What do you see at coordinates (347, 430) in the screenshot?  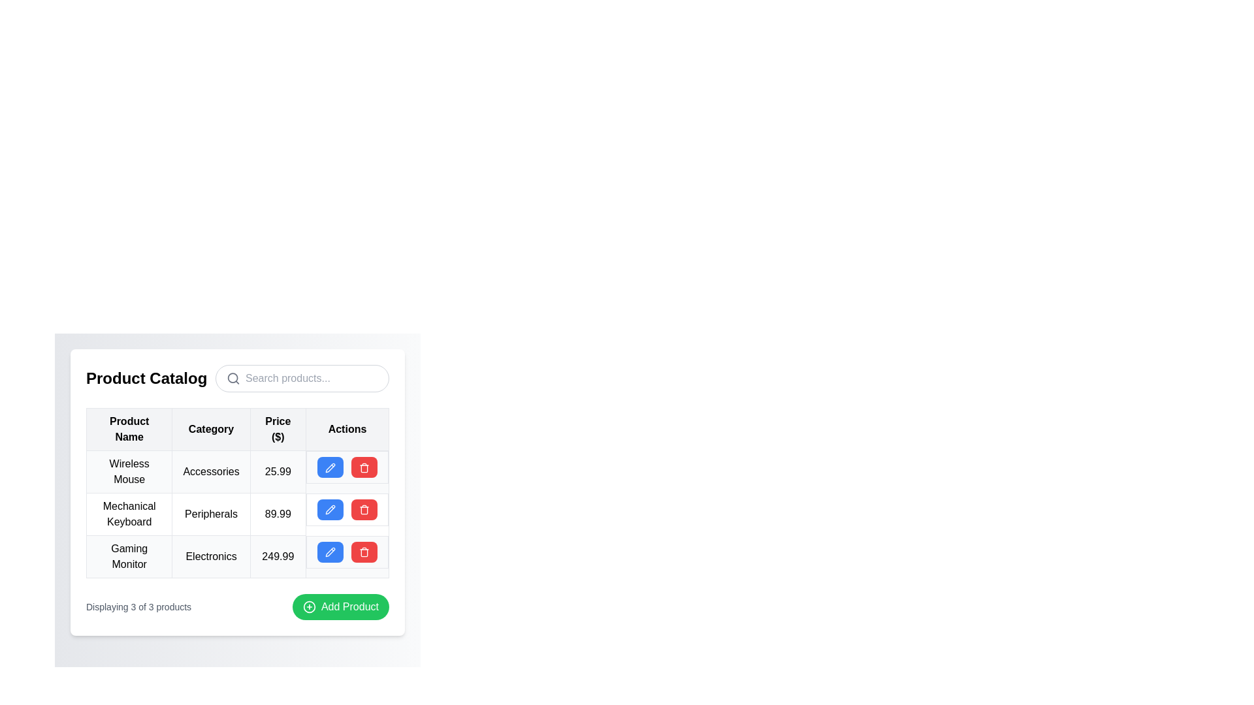 I see `the table header cell labeled 'Actions', which features bold text and a gray background, located at the top-right corner of the table` at bounding box center [347, 430].